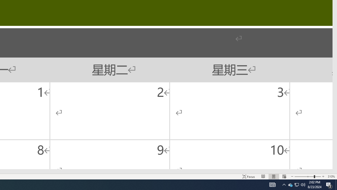 This screenshot has width=337, height=190. Describe the element at coordinates (274, 177) in the screenshot. I see `'Print Layout'` at that location.